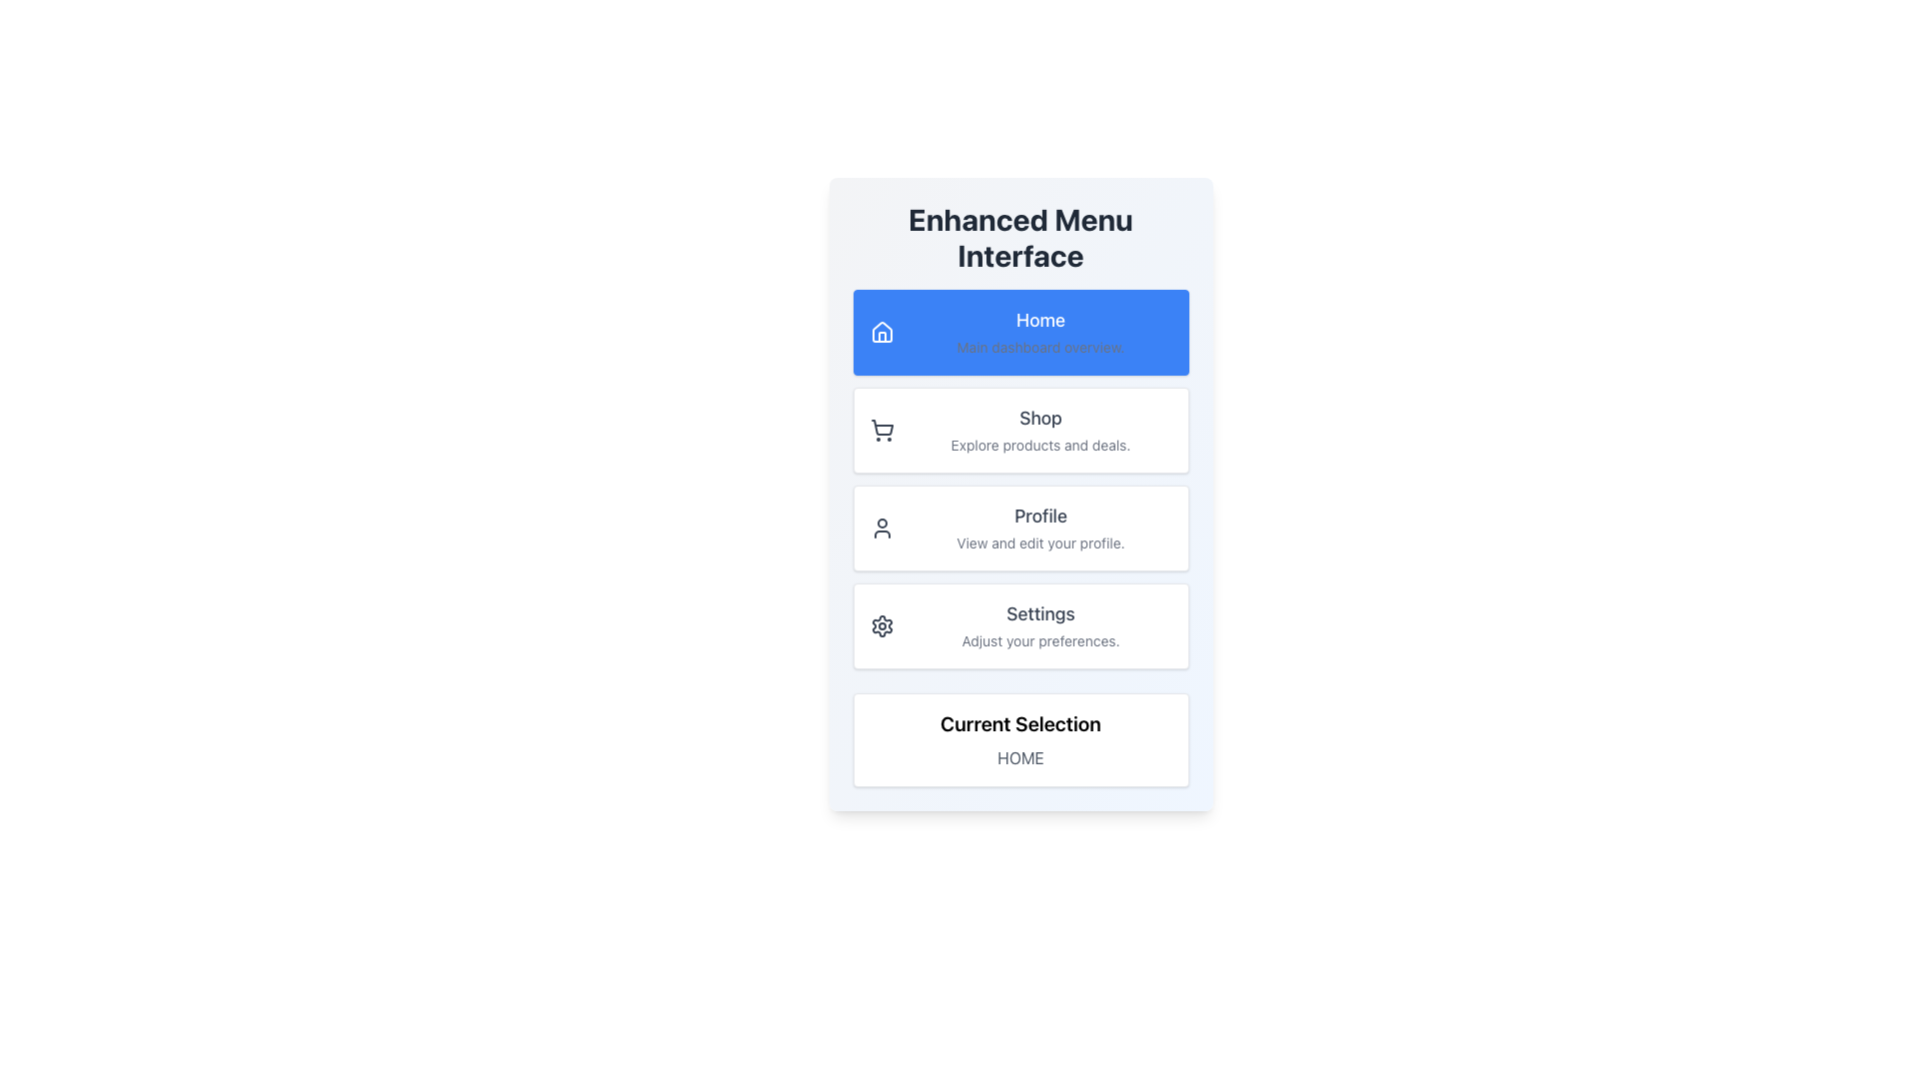  Describe the element at coordinates (881, 625) in the screenshot. I see `the 'Settings' icon located to the left of the text 'Settings' in the vertical menu list for interaction` at that location.